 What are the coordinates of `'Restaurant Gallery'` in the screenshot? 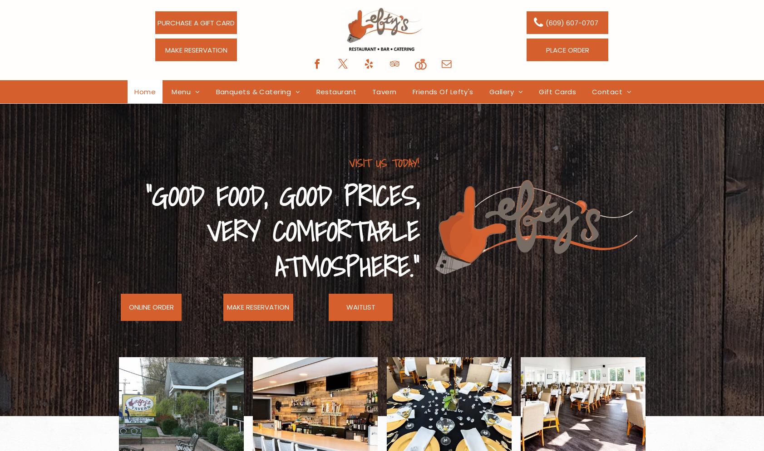 It's located at (528, 181).